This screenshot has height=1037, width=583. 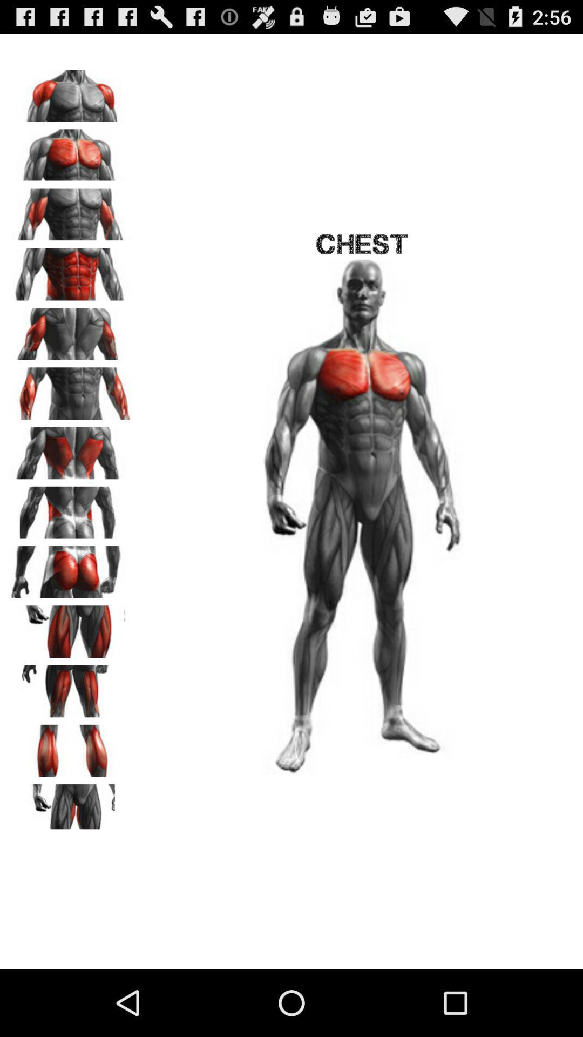 I want to click on body part, so click(x=71, y=746).